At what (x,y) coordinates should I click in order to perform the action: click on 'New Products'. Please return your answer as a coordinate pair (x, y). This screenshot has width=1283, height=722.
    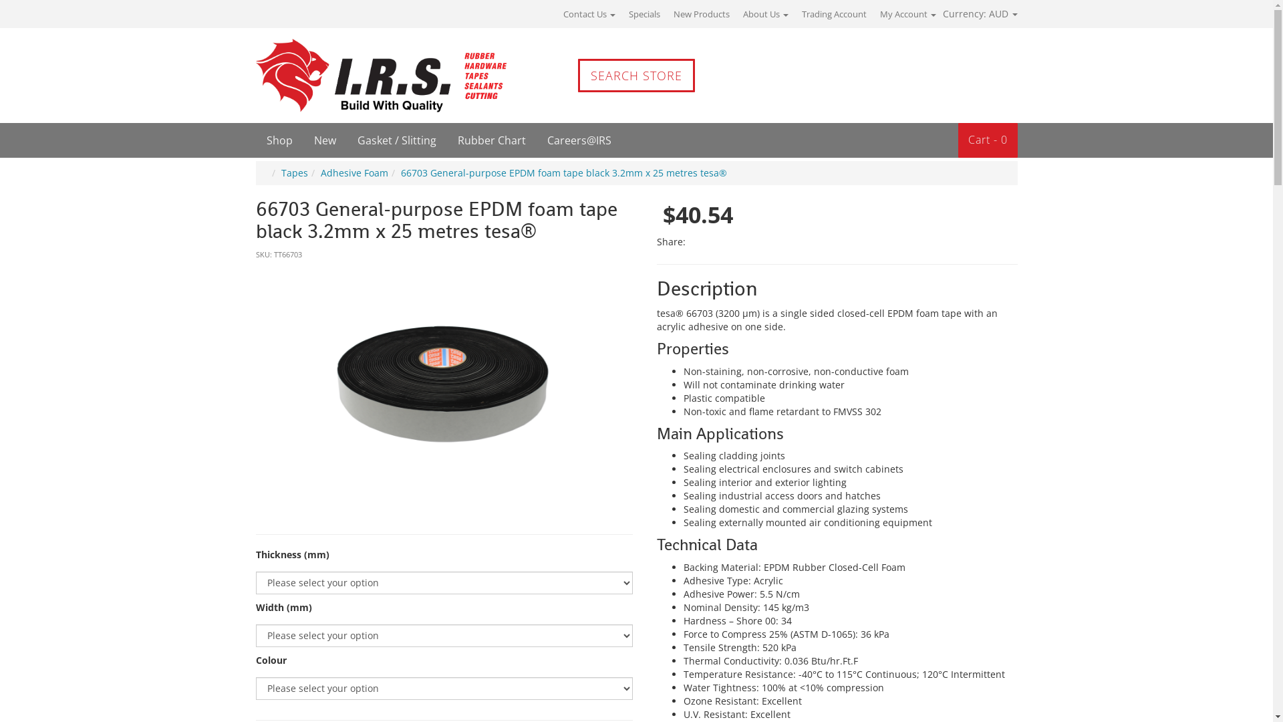
    Looking at the image, I should click on (701, 13).